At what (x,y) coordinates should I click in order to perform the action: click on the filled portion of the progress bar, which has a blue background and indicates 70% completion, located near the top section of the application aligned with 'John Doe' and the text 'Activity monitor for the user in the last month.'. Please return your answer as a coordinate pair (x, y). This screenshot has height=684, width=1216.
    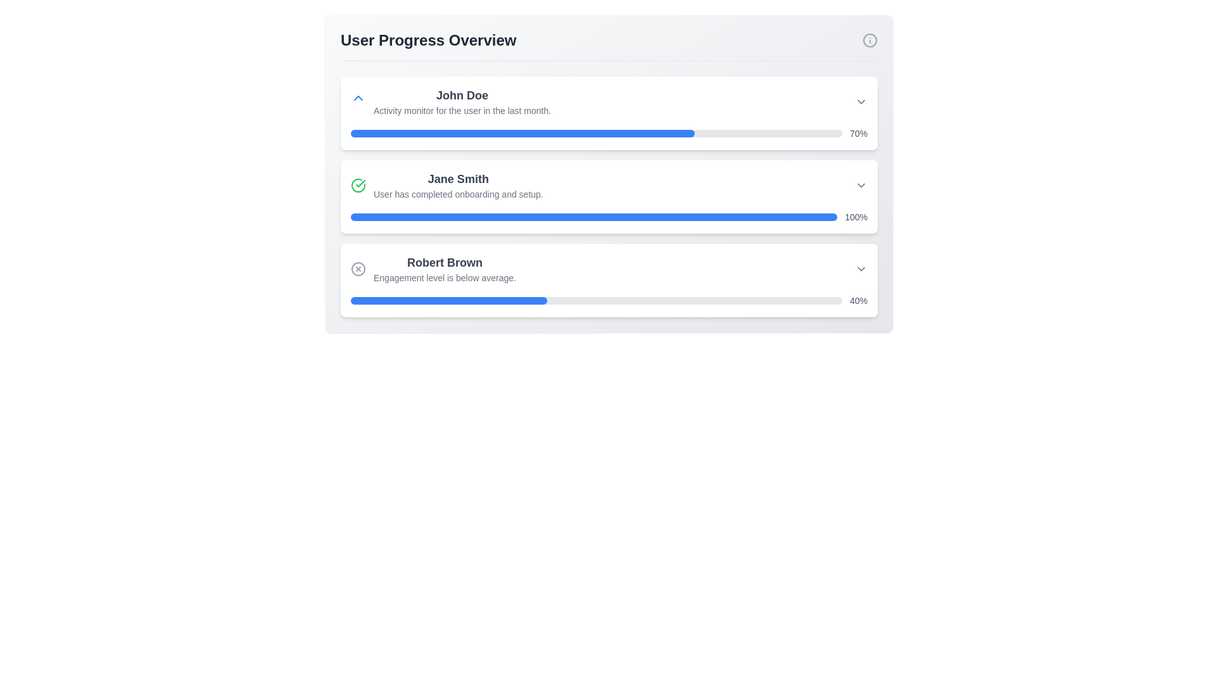
    Looking at the image, I should click on (522, 134).